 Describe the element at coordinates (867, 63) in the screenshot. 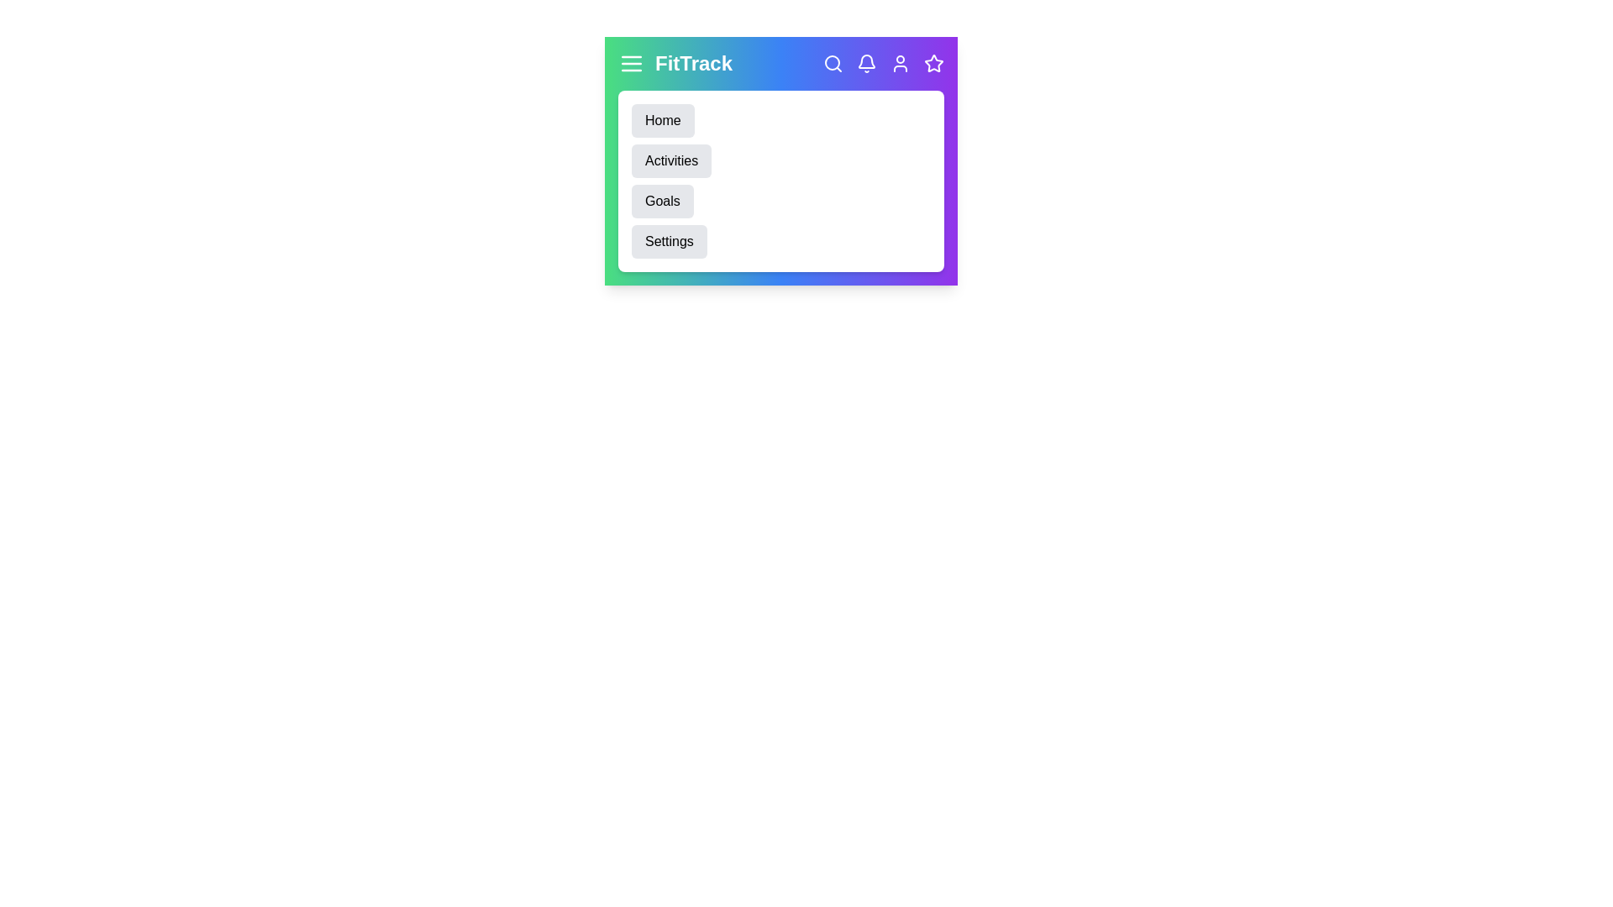

I see `the notifications icon to view alerts` at that location.